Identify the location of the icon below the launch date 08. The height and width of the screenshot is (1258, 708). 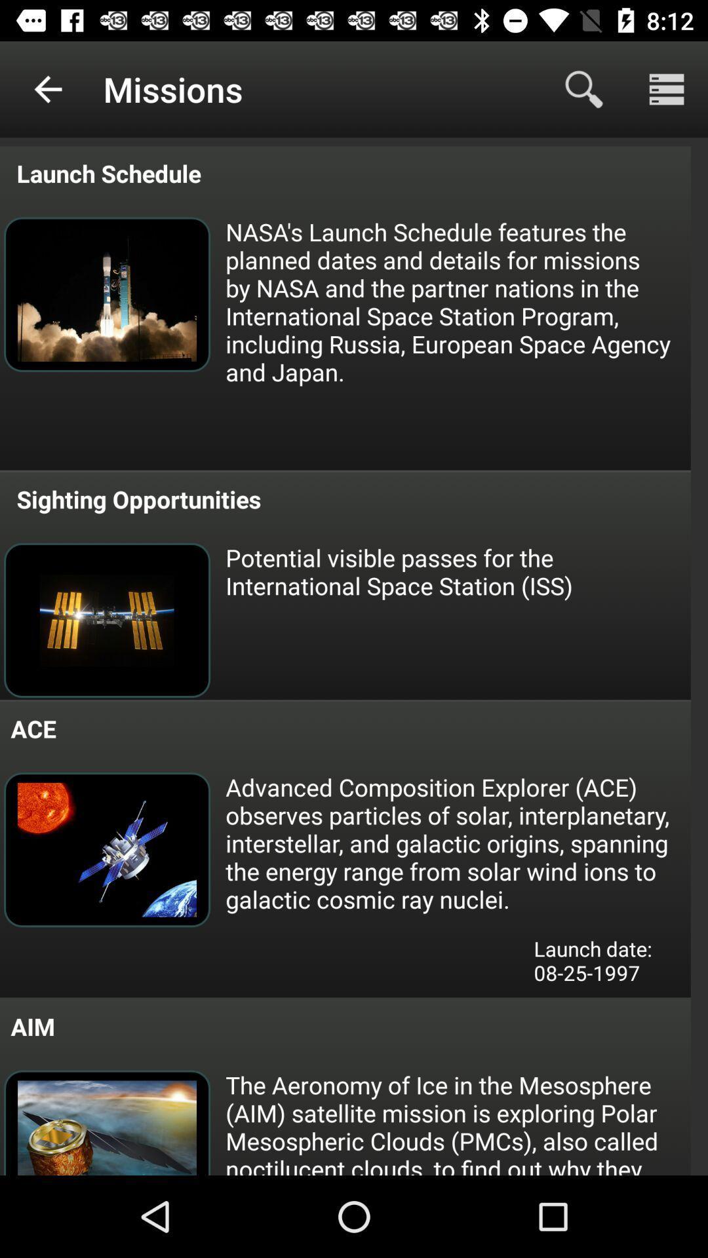
(456, 1121).